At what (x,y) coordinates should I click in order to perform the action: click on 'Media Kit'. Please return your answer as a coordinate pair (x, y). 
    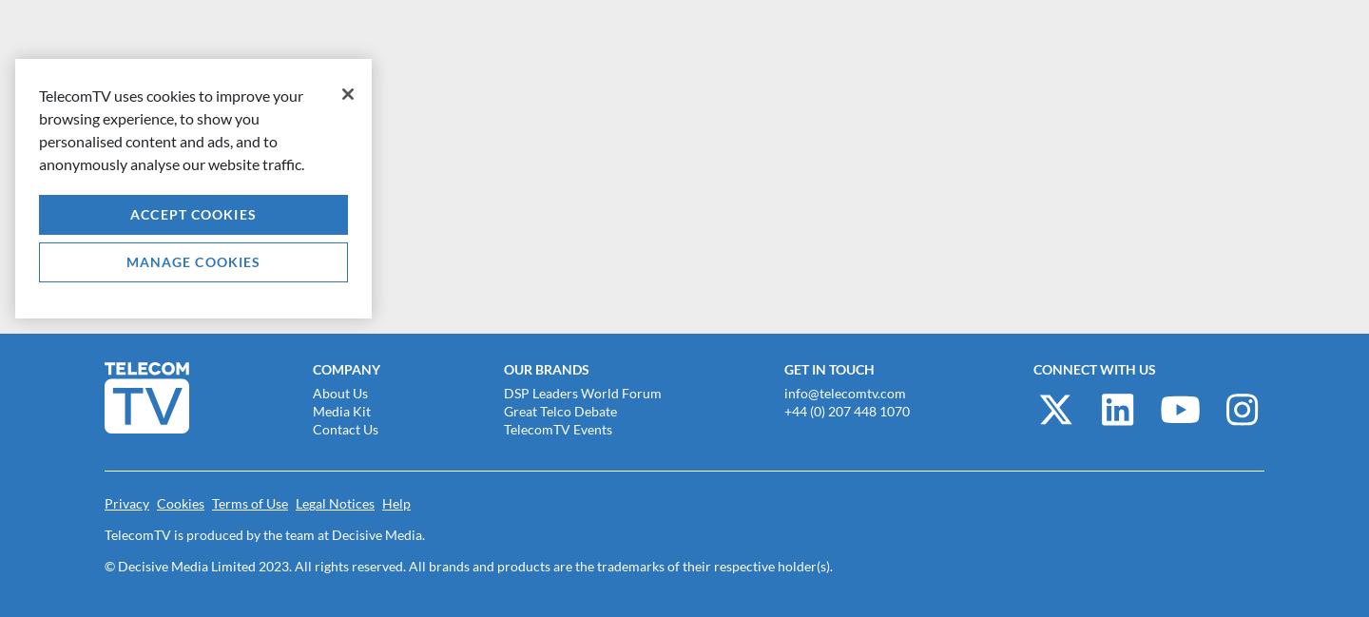
    Looking at the image, I should click on (341, 409).